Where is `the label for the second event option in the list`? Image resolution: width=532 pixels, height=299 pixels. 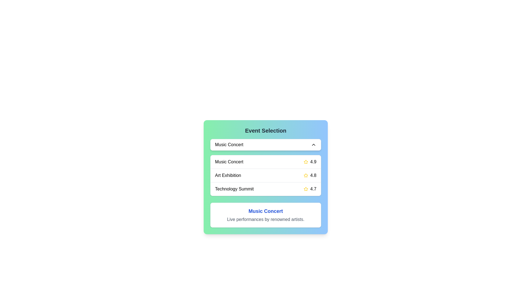
the label for the second event option in the list is located at coordinates (228, 175).